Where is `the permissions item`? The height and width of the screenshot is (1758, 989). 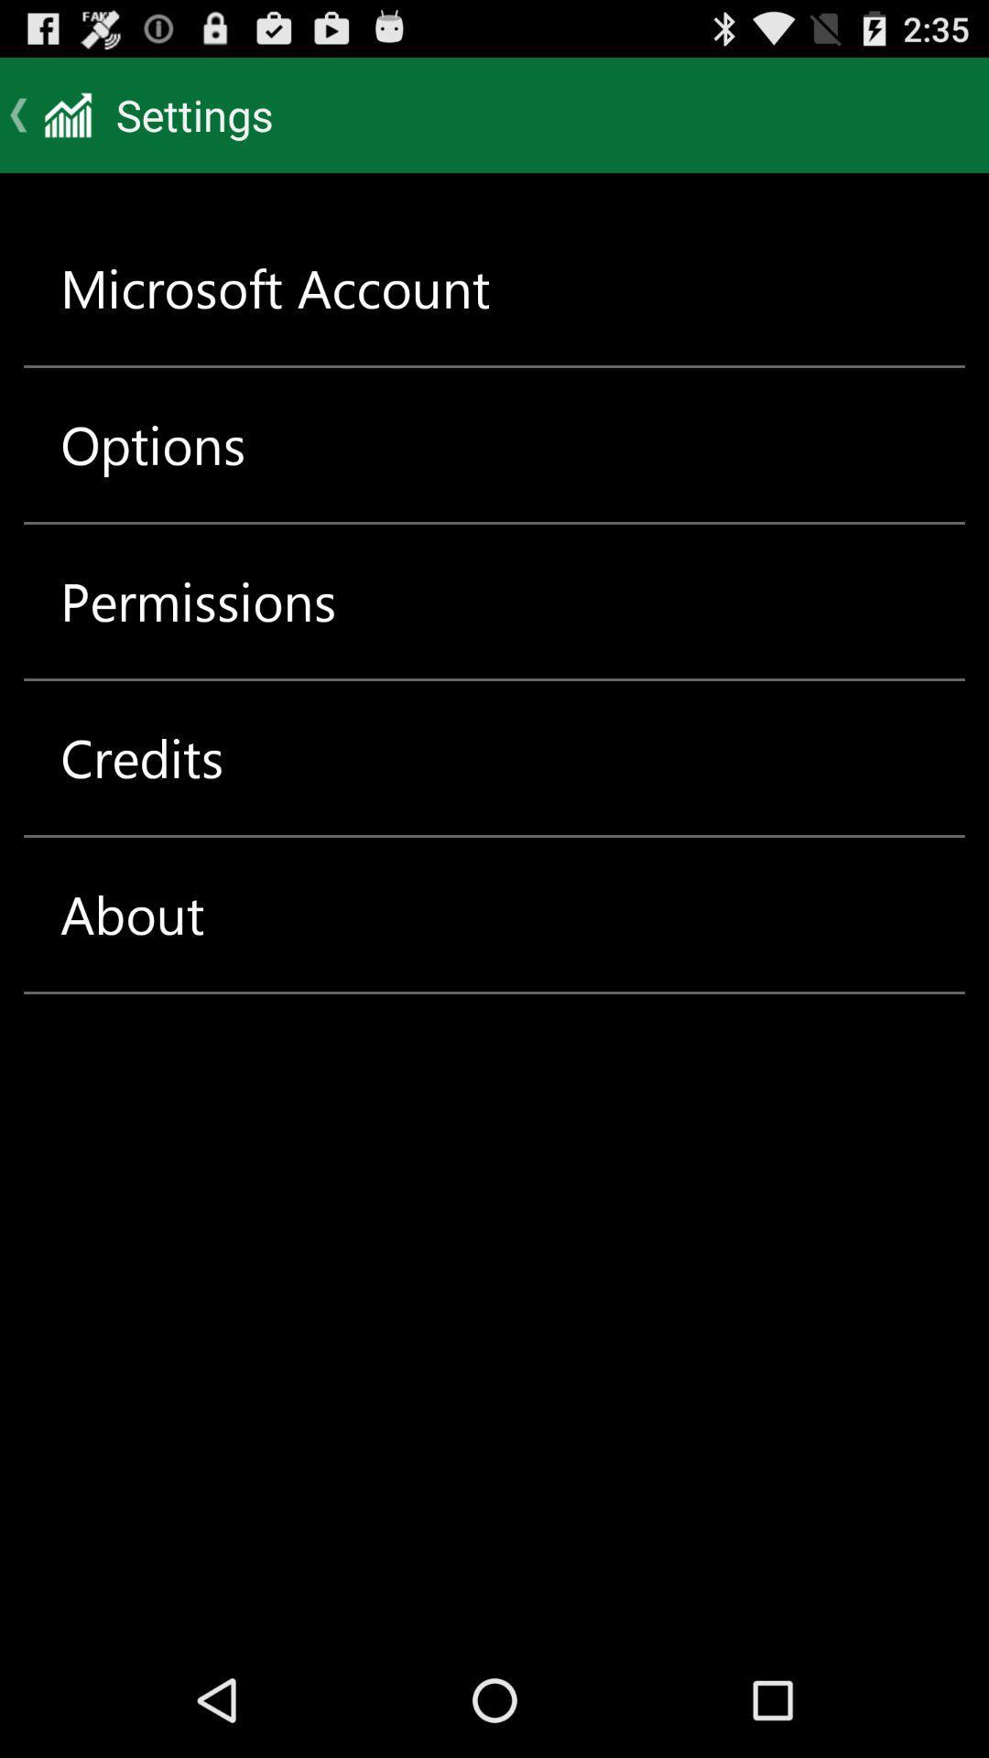 the permissions item is located at coordinates (198, 602).